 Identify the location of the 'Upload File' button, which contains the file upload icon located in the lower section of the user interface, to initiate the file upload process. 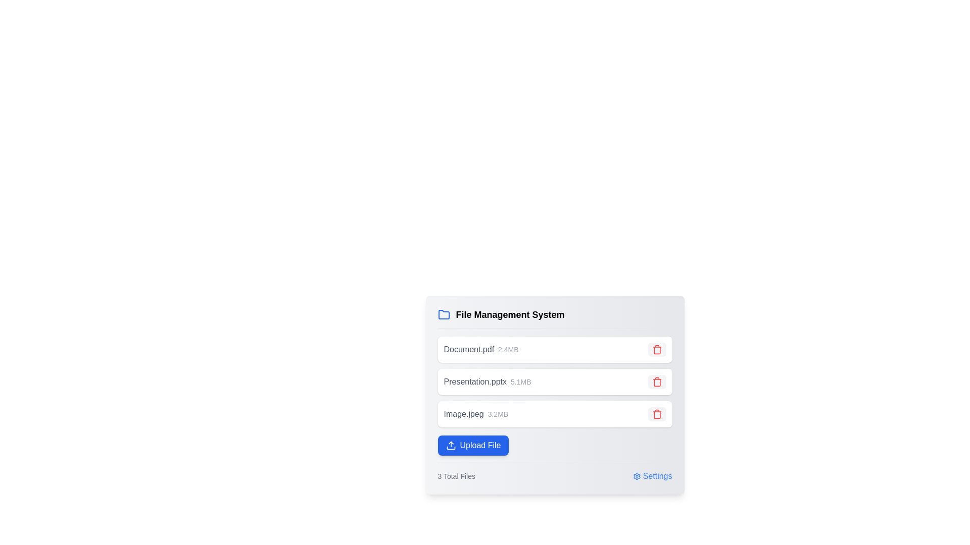
(450, 445).